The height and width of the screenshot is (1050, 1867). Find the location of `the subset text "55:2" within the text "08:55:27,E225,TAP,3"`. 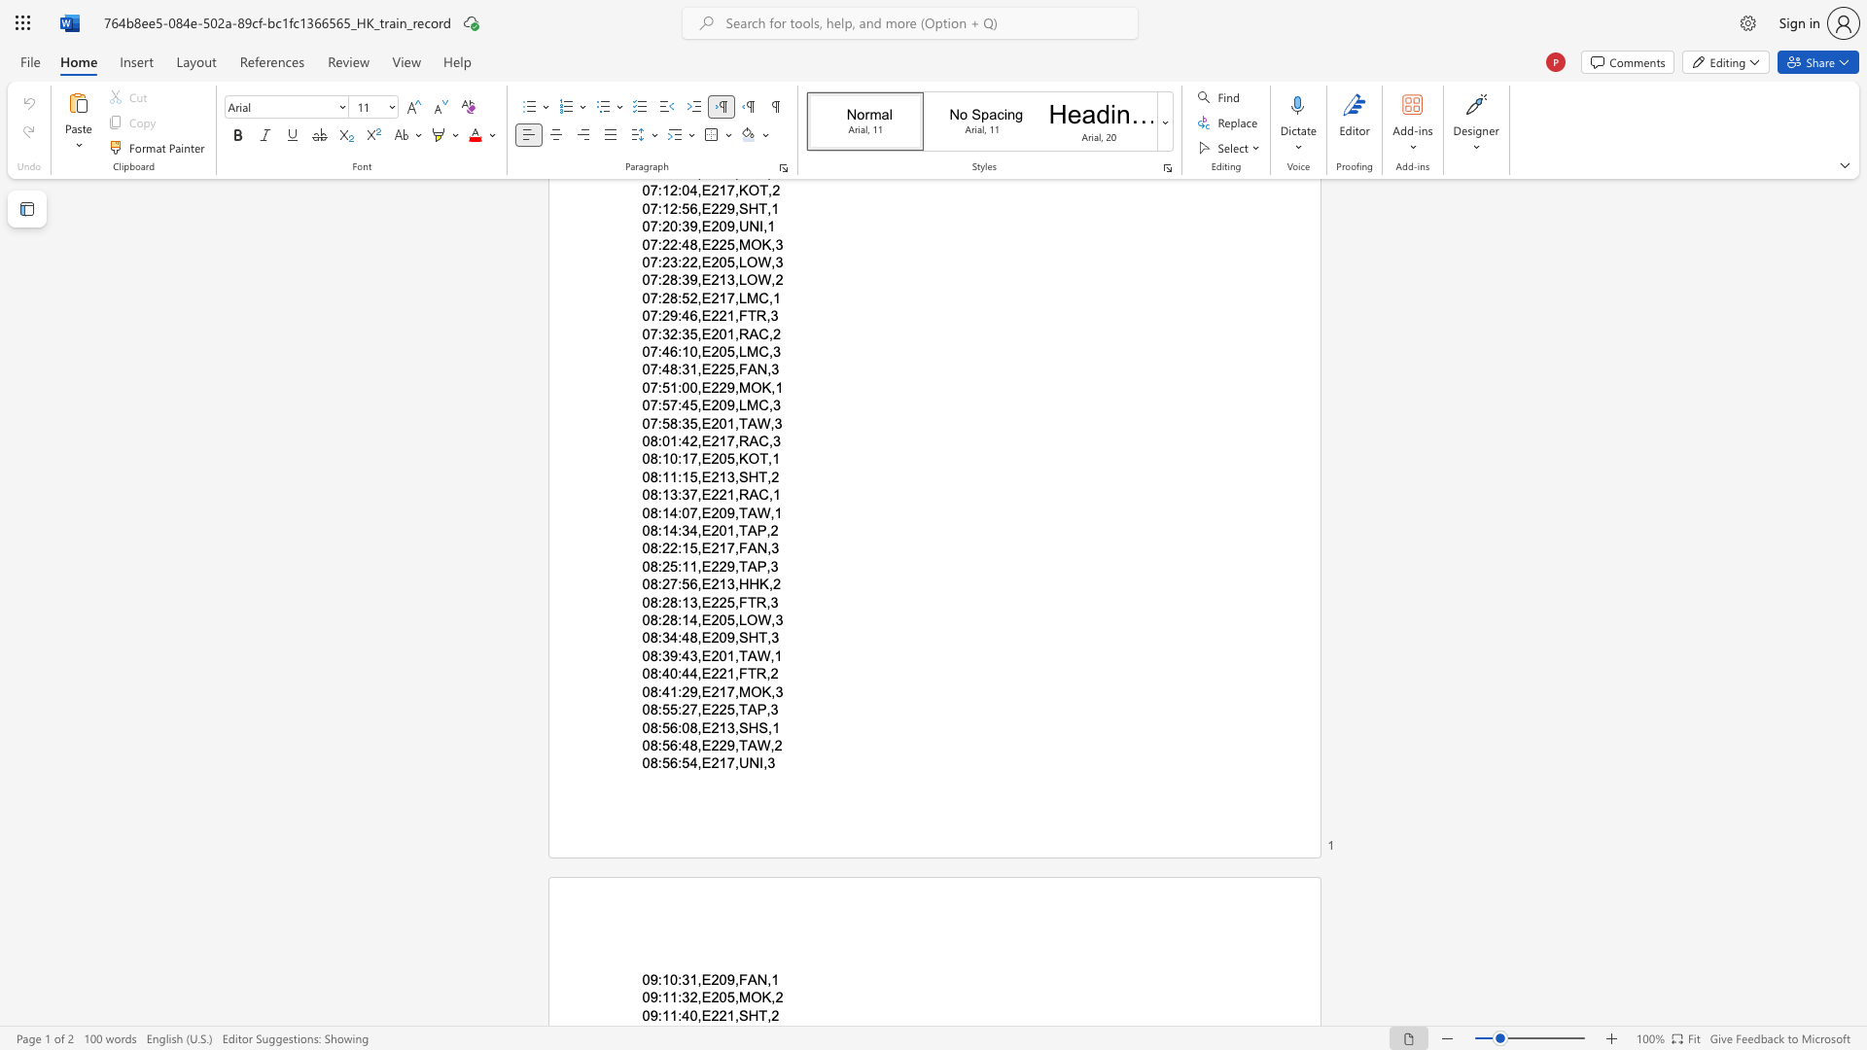

the subset text "55:2" within the text "08:55:27,E225,TAP,3" is located at coordinates (661, 710).